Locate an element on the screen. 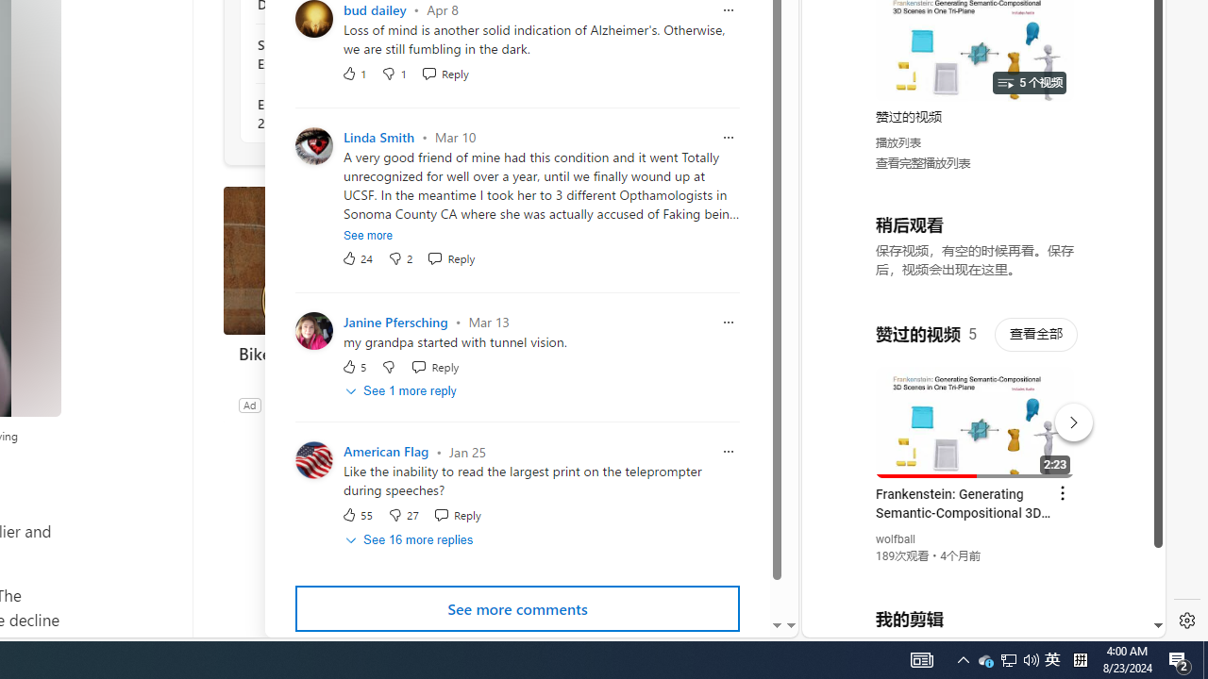 Image resolution: width=1208 pixels, height=679 pixels. 'wolfball' is located at coordinates (895, 539).